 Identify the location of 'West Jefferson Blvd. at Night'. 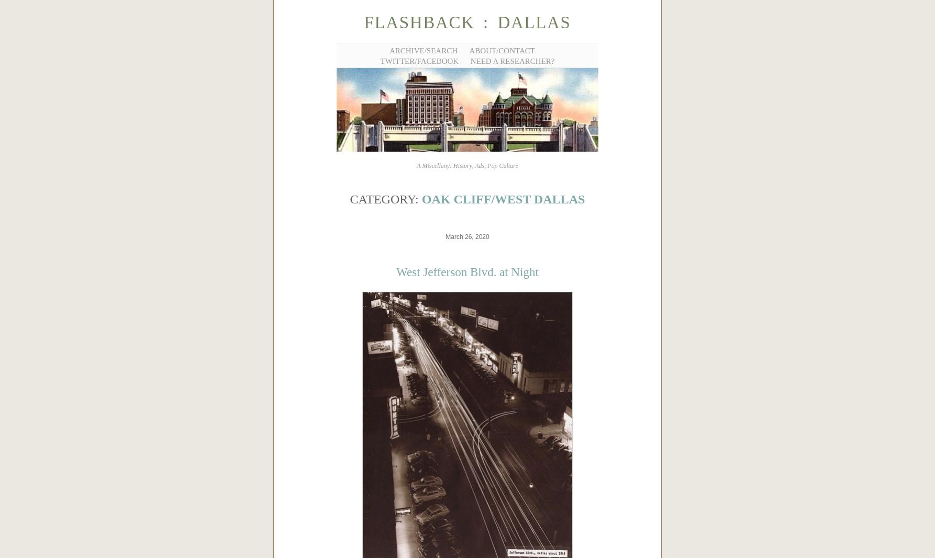
(466, 271).